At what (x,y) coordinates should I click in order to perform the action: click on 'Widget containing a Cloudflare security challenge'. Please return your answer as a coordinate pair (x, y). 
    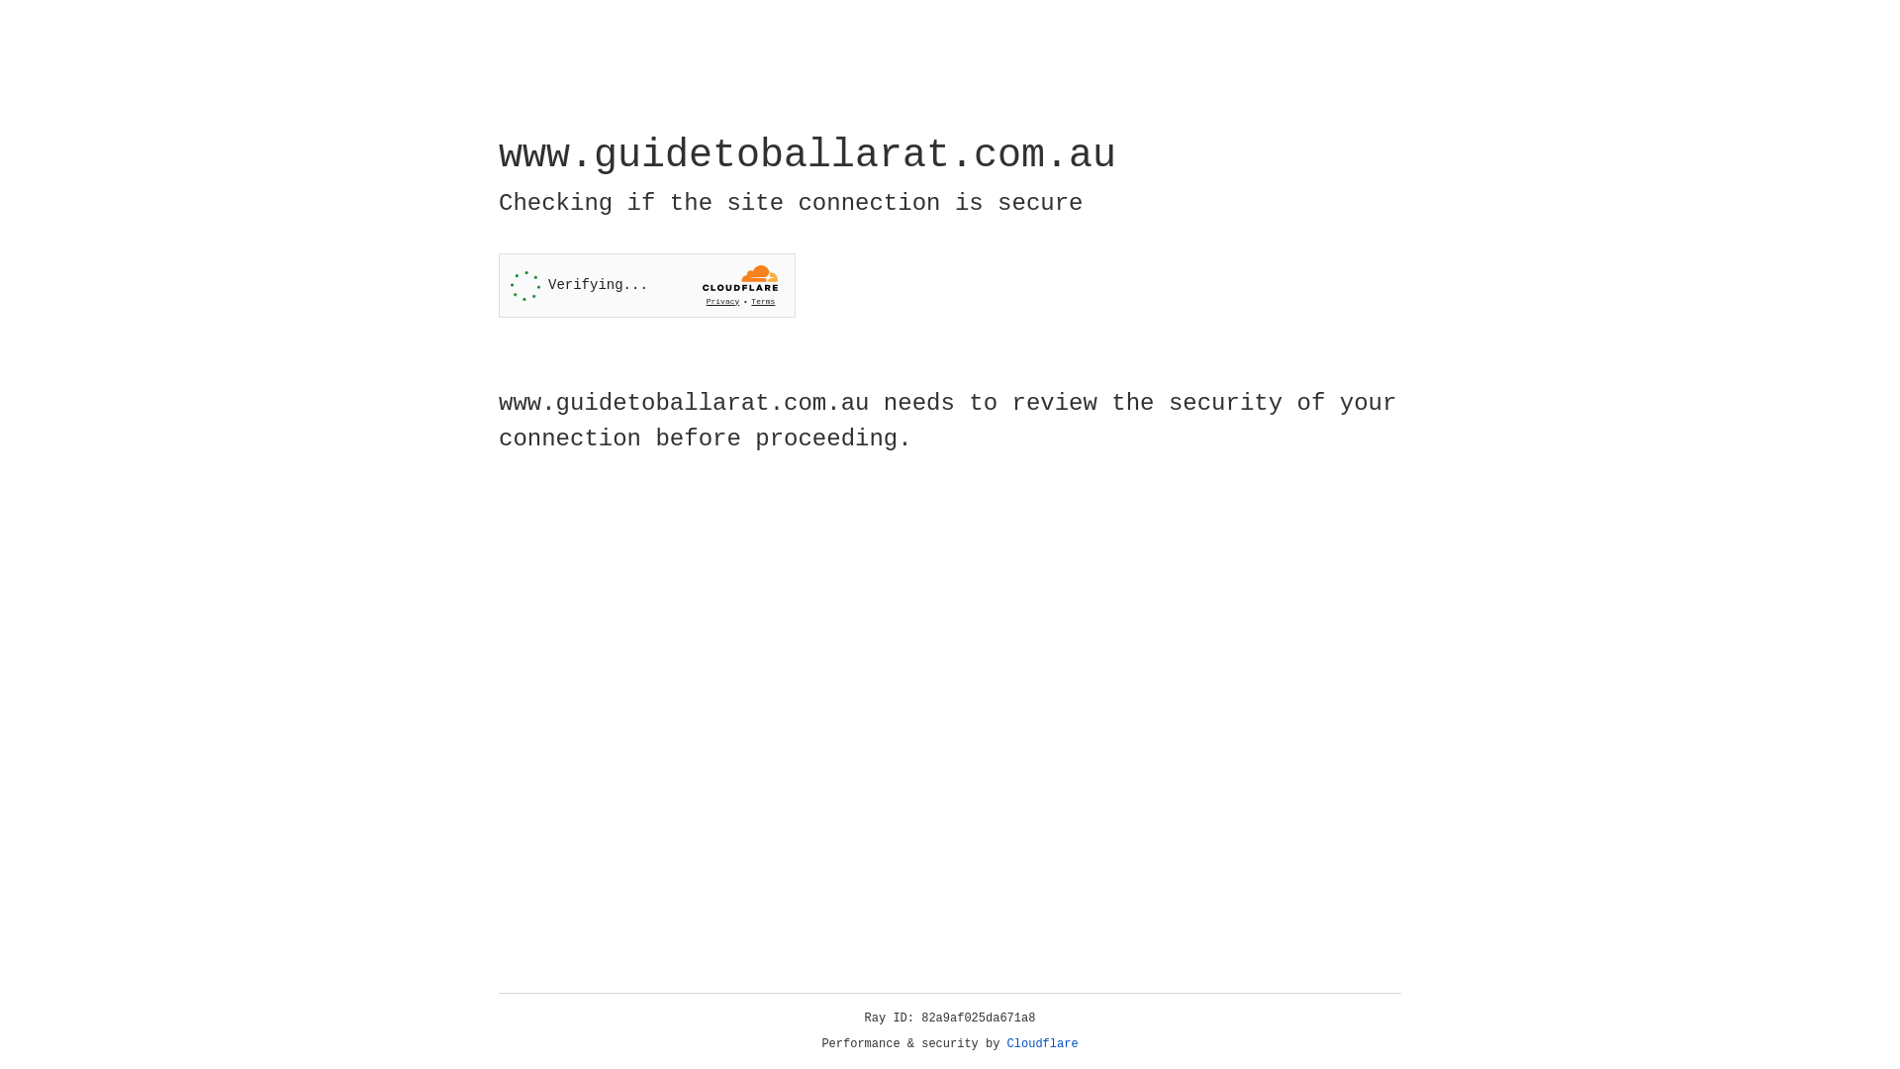
    Looking at the image, I should click on (646, 285).